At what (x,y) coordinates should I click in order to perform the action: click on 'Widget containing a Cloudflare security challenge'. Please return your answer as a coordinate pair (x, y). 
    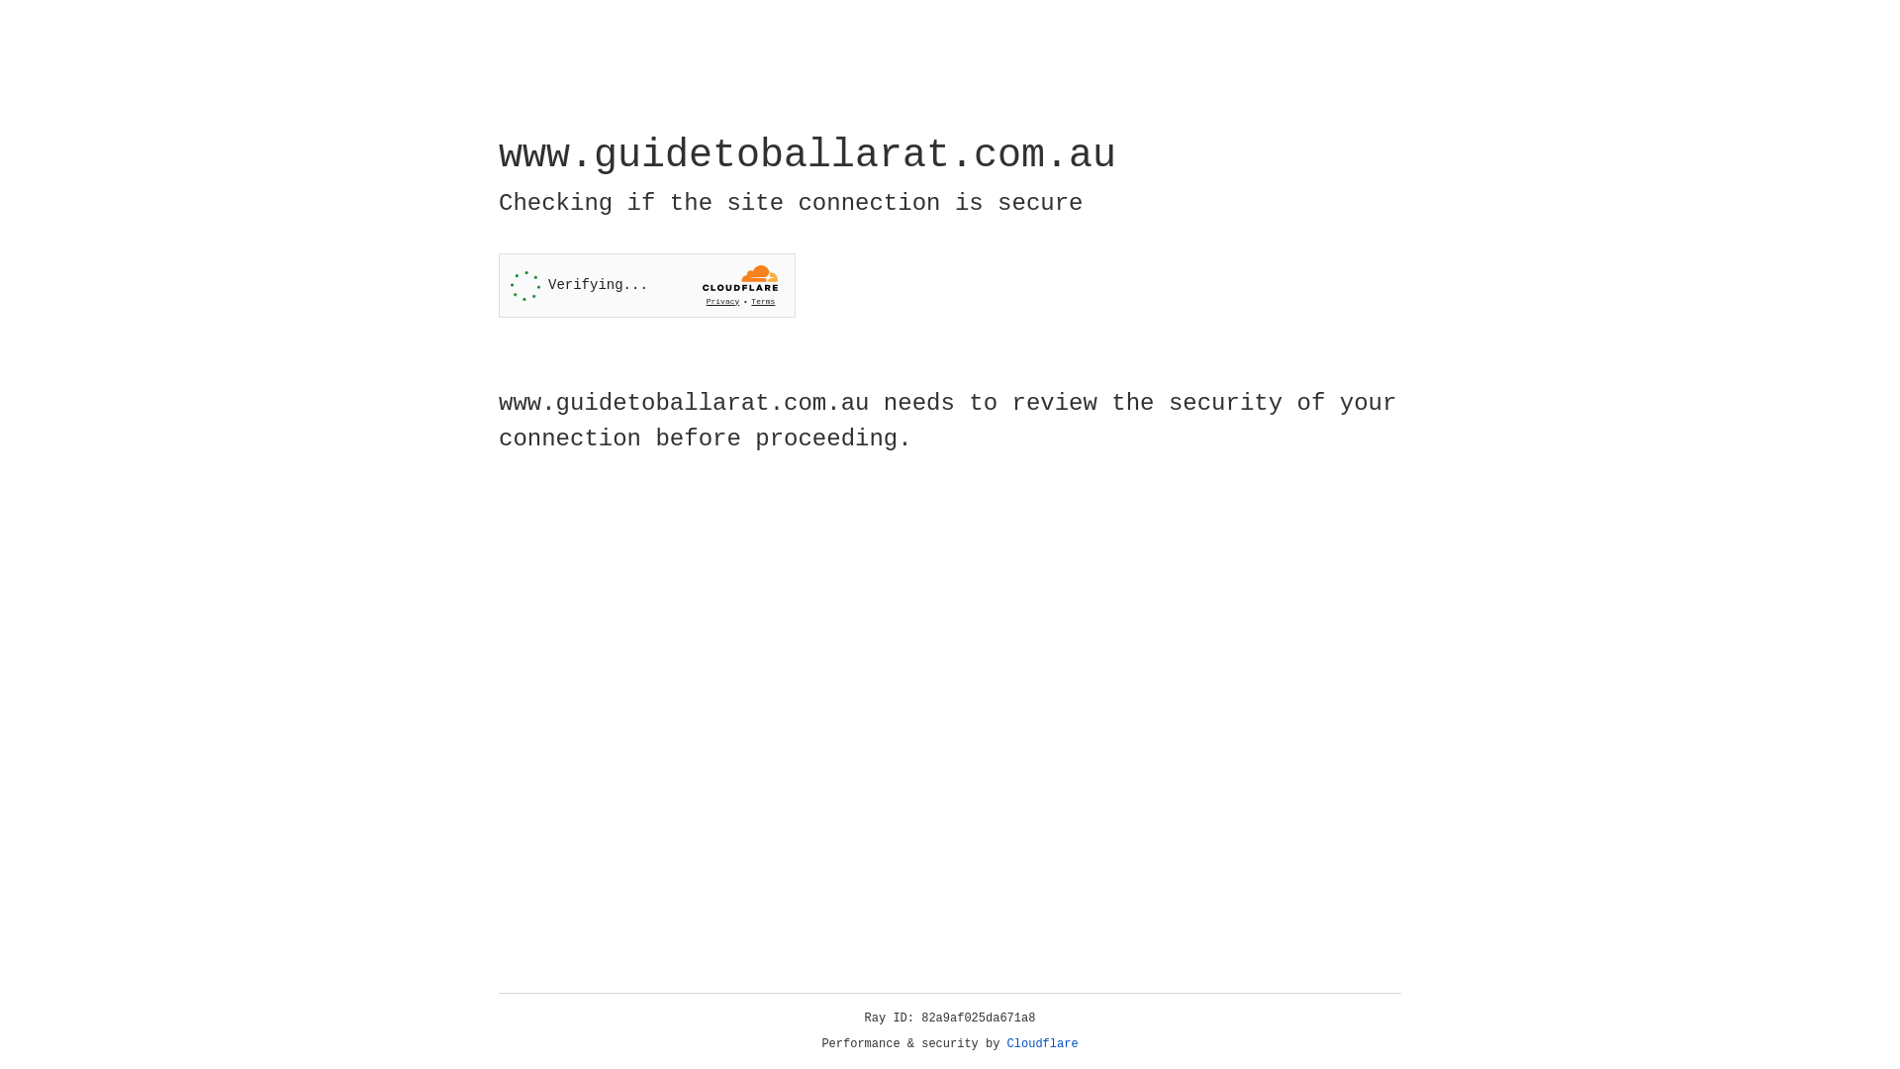
    Looking at the image, I should click on (646, 285).